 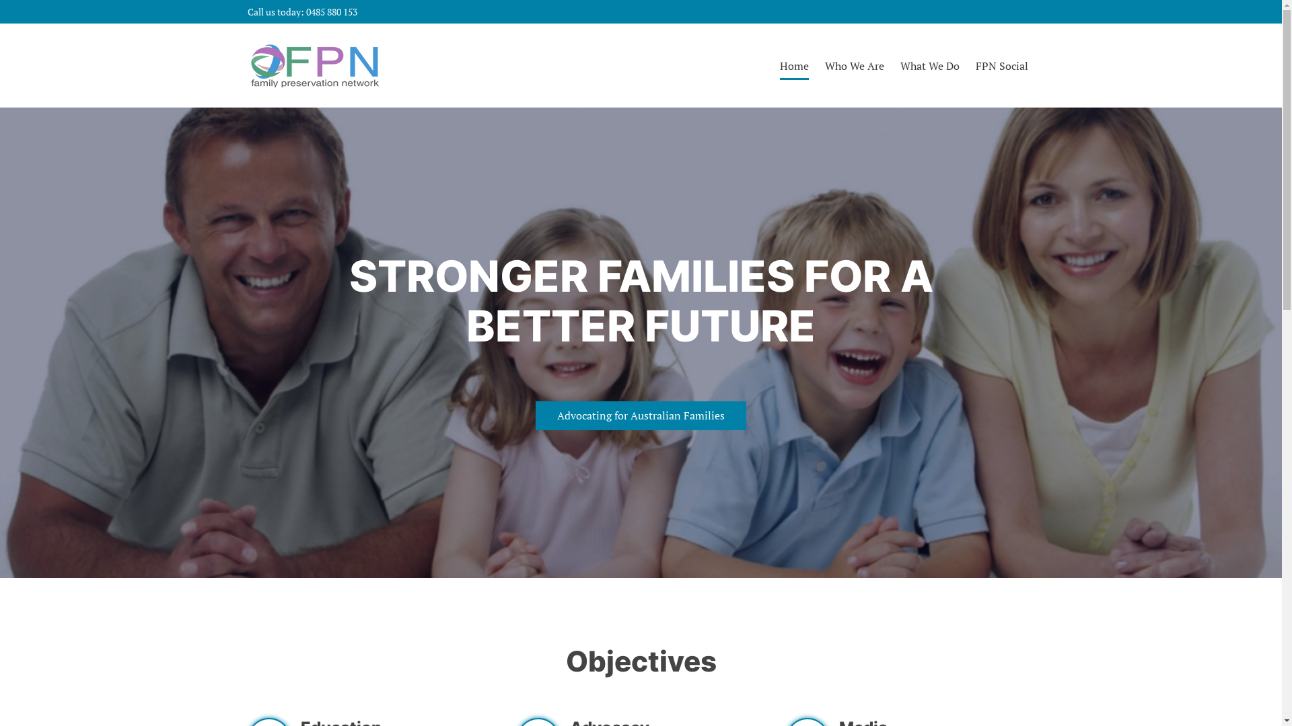 I want to click on 'Home', so click(x=793, y=65).